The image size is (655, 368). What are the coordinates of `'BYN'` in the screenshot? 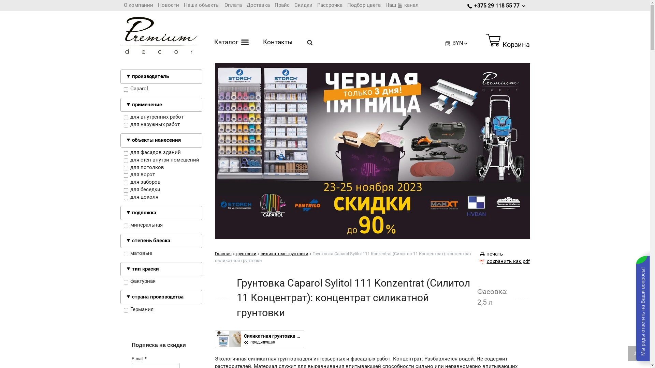 It's located at (457, 43).